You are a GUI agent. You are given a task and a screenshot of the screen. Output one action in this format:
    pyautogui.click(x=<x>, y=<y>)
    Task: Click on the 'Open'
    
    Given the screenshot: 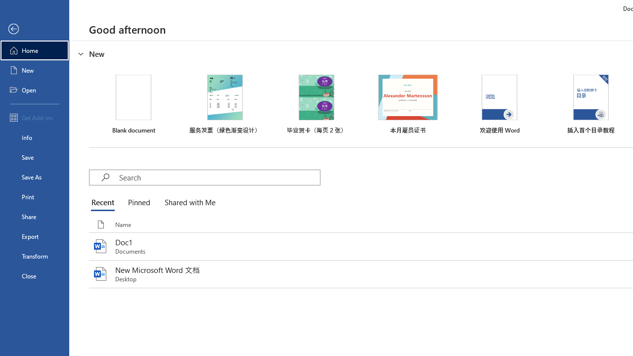 What is the action you would take?
    pyautogui.click(x=34, y=90)
    